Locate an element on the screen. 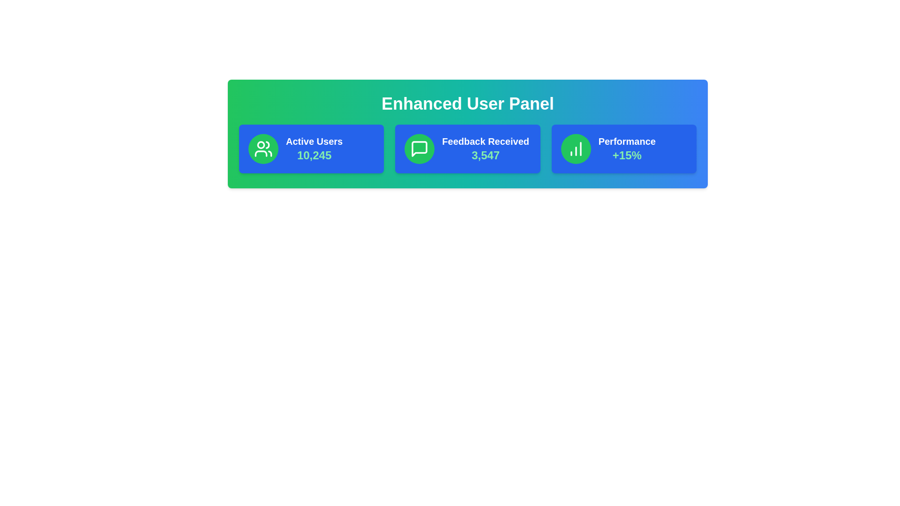  the card corresponding to Feedback Received to select or highlight it is located at coordinates (468, 148).